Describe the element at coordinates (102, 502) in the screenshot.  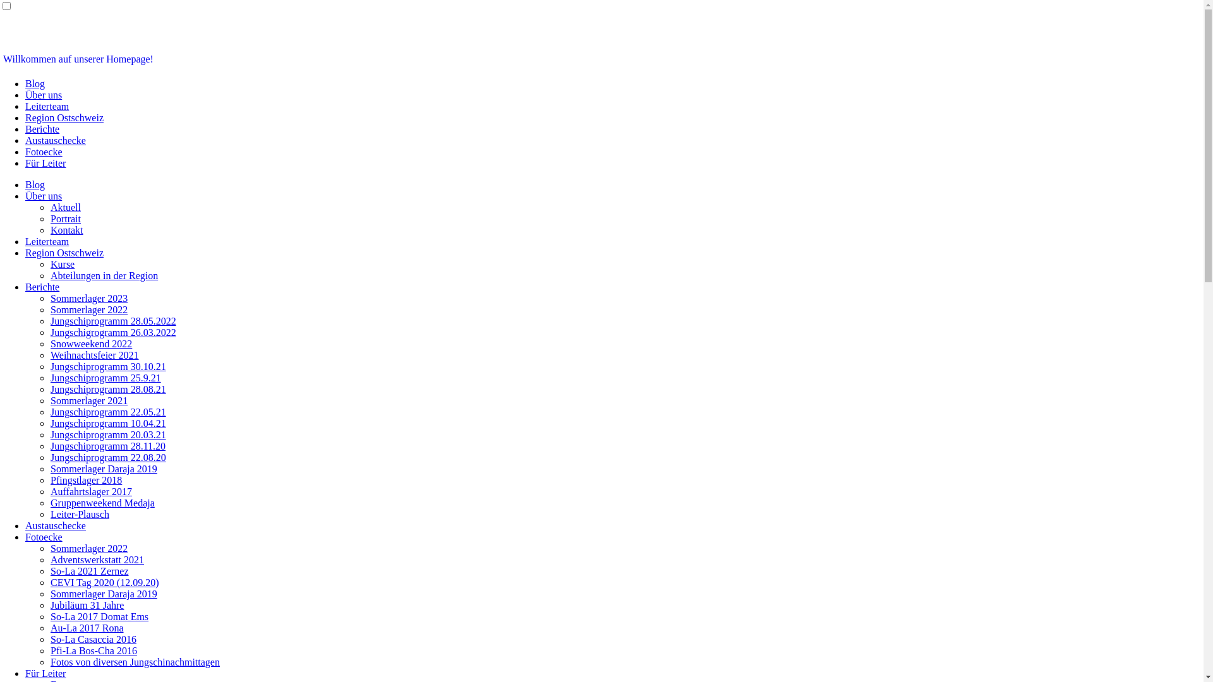
I see `'Gruppenweekend Medaja'` at that location.